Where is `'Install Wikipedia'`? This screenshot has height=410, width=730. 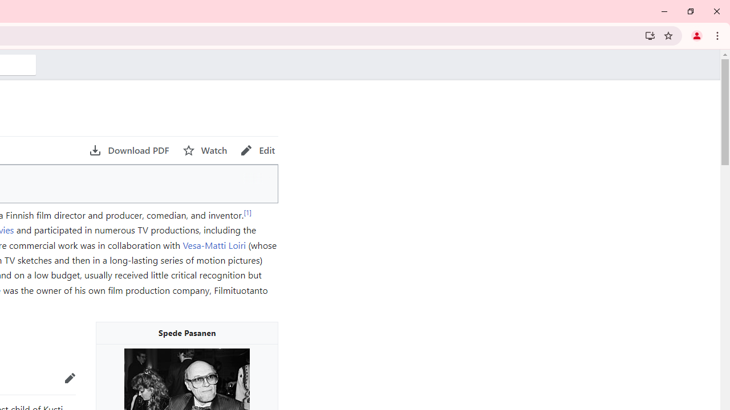
'Install Wikipedia' is located at coordinates (650, 35).